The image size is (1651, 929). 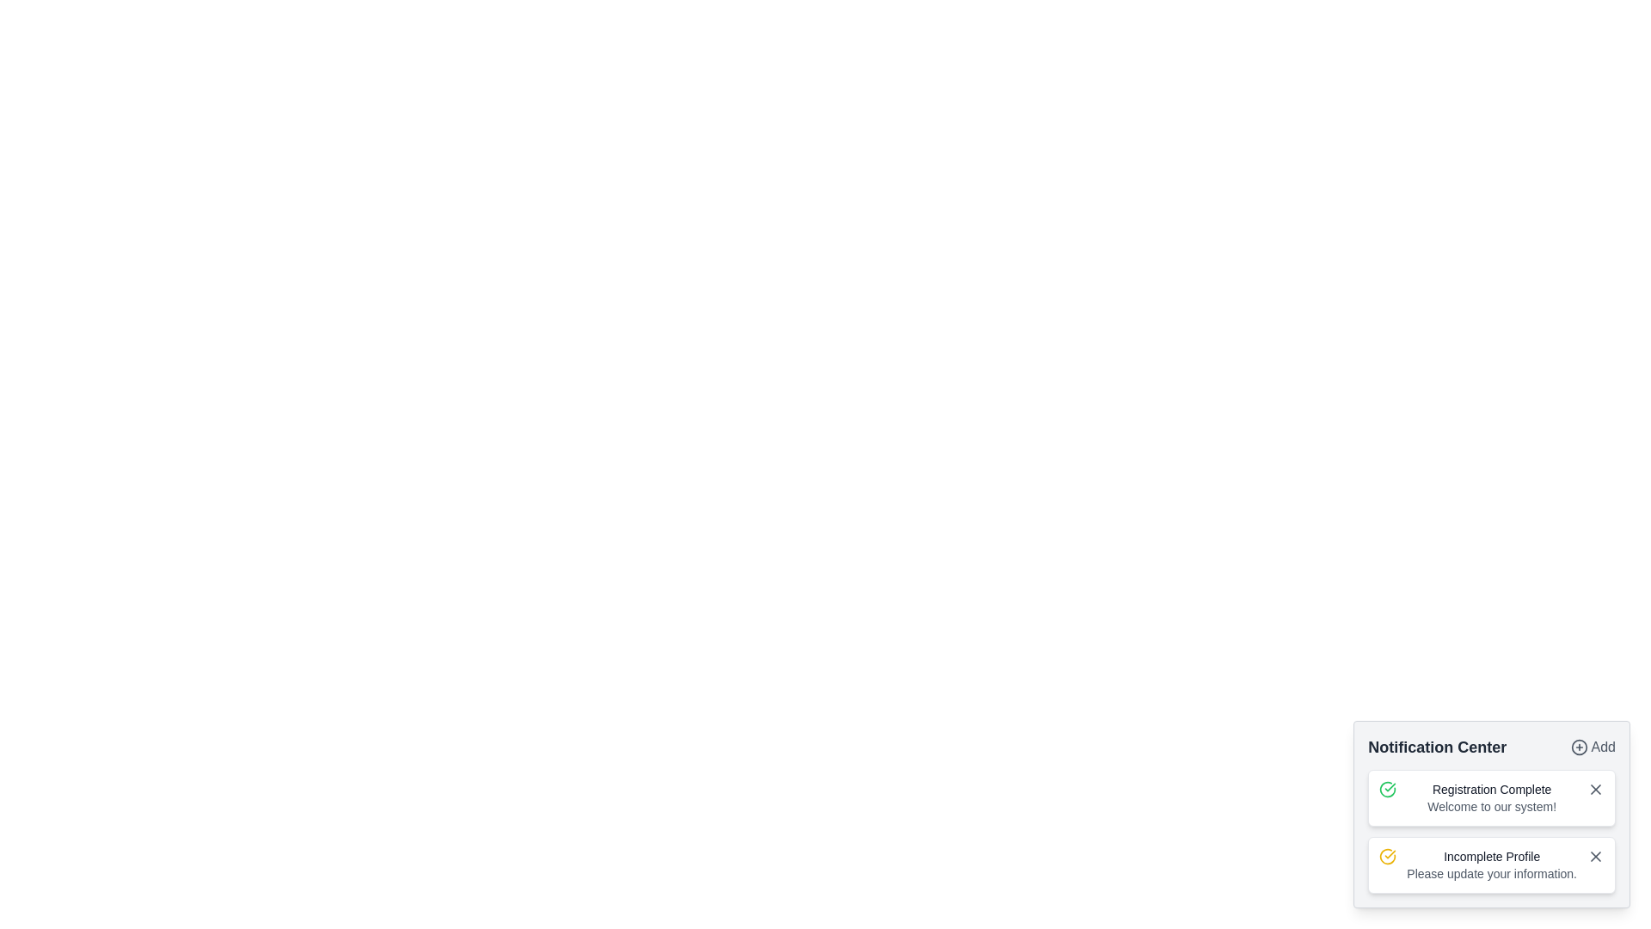 I want to click on the close button located at the top-right corner of the 'Incomplete Profile' notification in the 'Notification Center', so click(x=1595, y=856).